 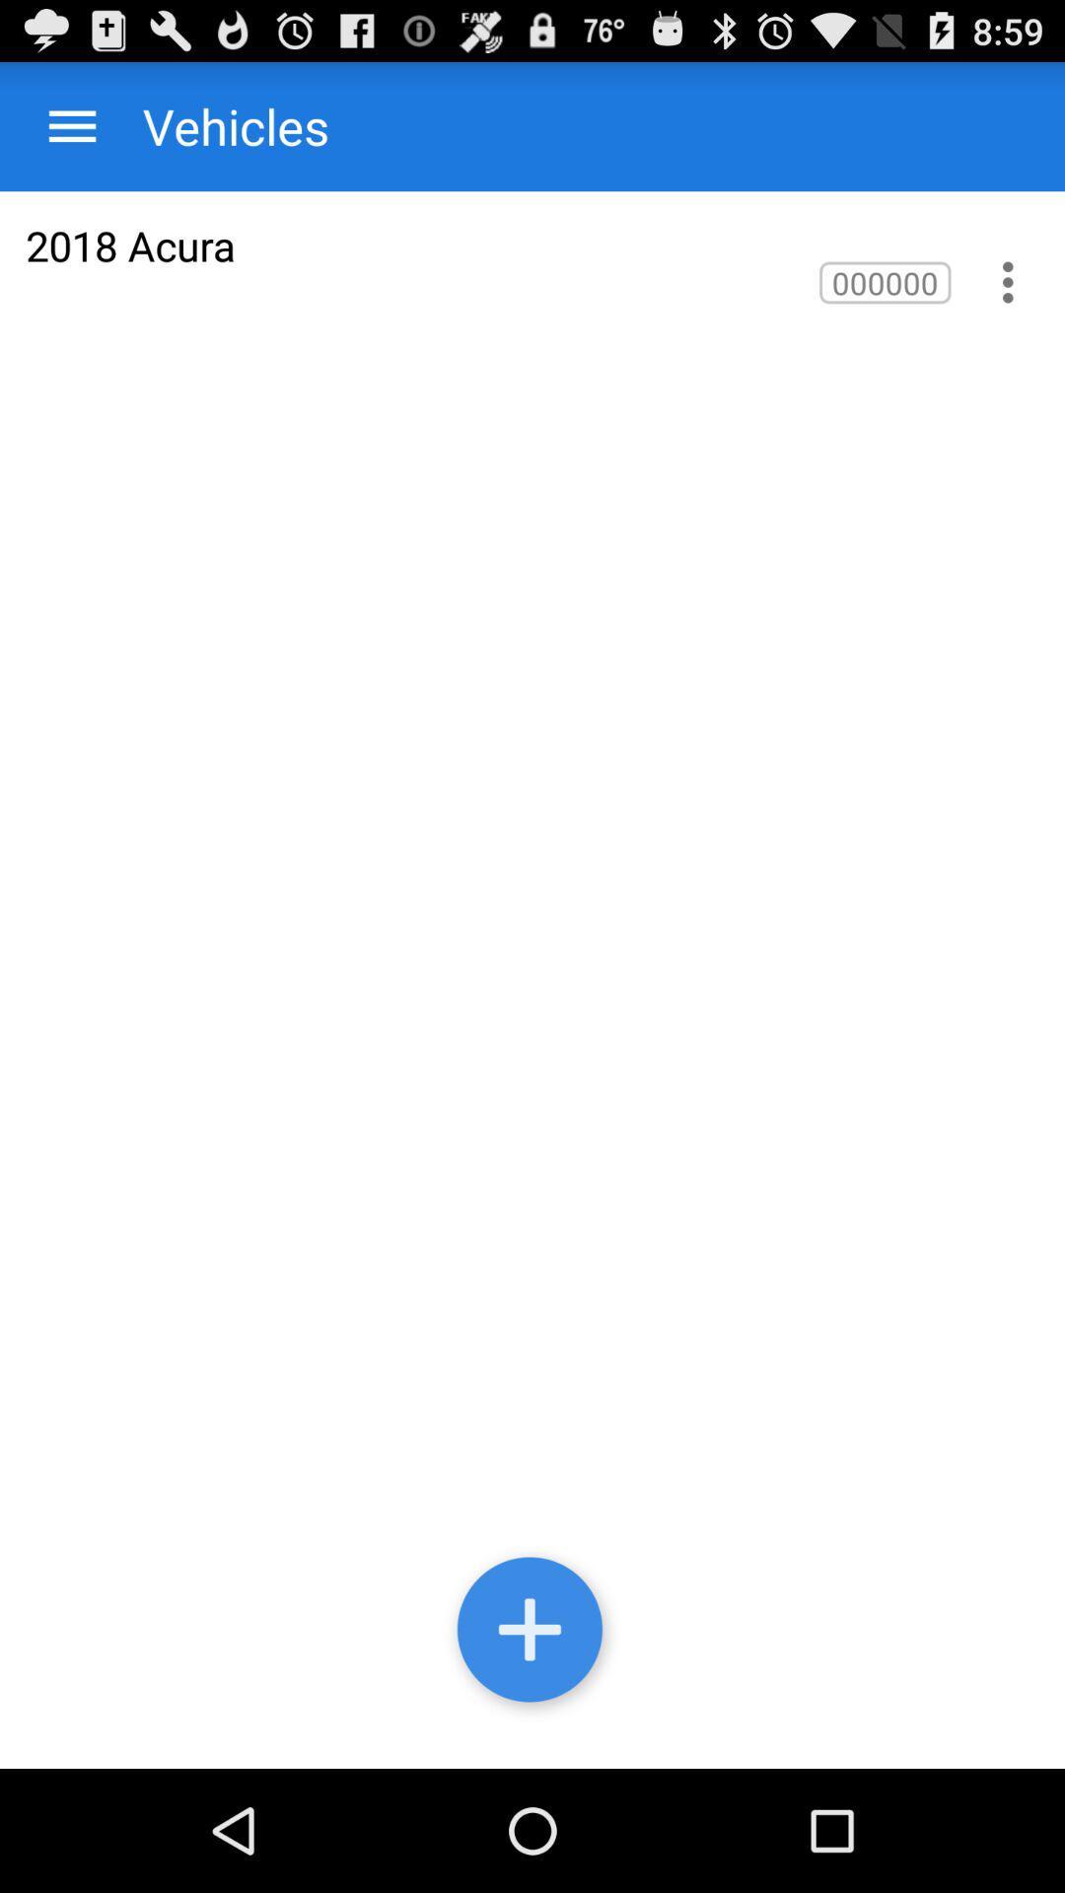 What do you see at coordinates (71, 125) in the screenshot?
I see `open options` at bounding box center [71, 125].